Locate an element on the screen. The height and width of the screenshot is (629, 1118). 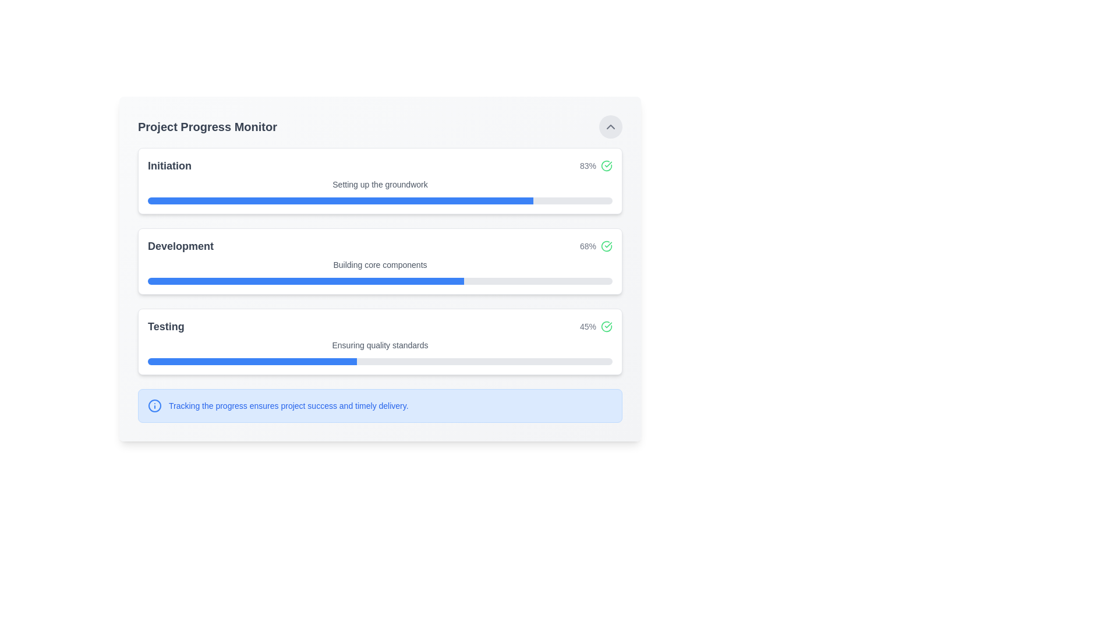
the visual progress of the blue progress indicator bar within the 'Development' section of the 'Project Progress Monitor.' is located at coordinates (306, 281).